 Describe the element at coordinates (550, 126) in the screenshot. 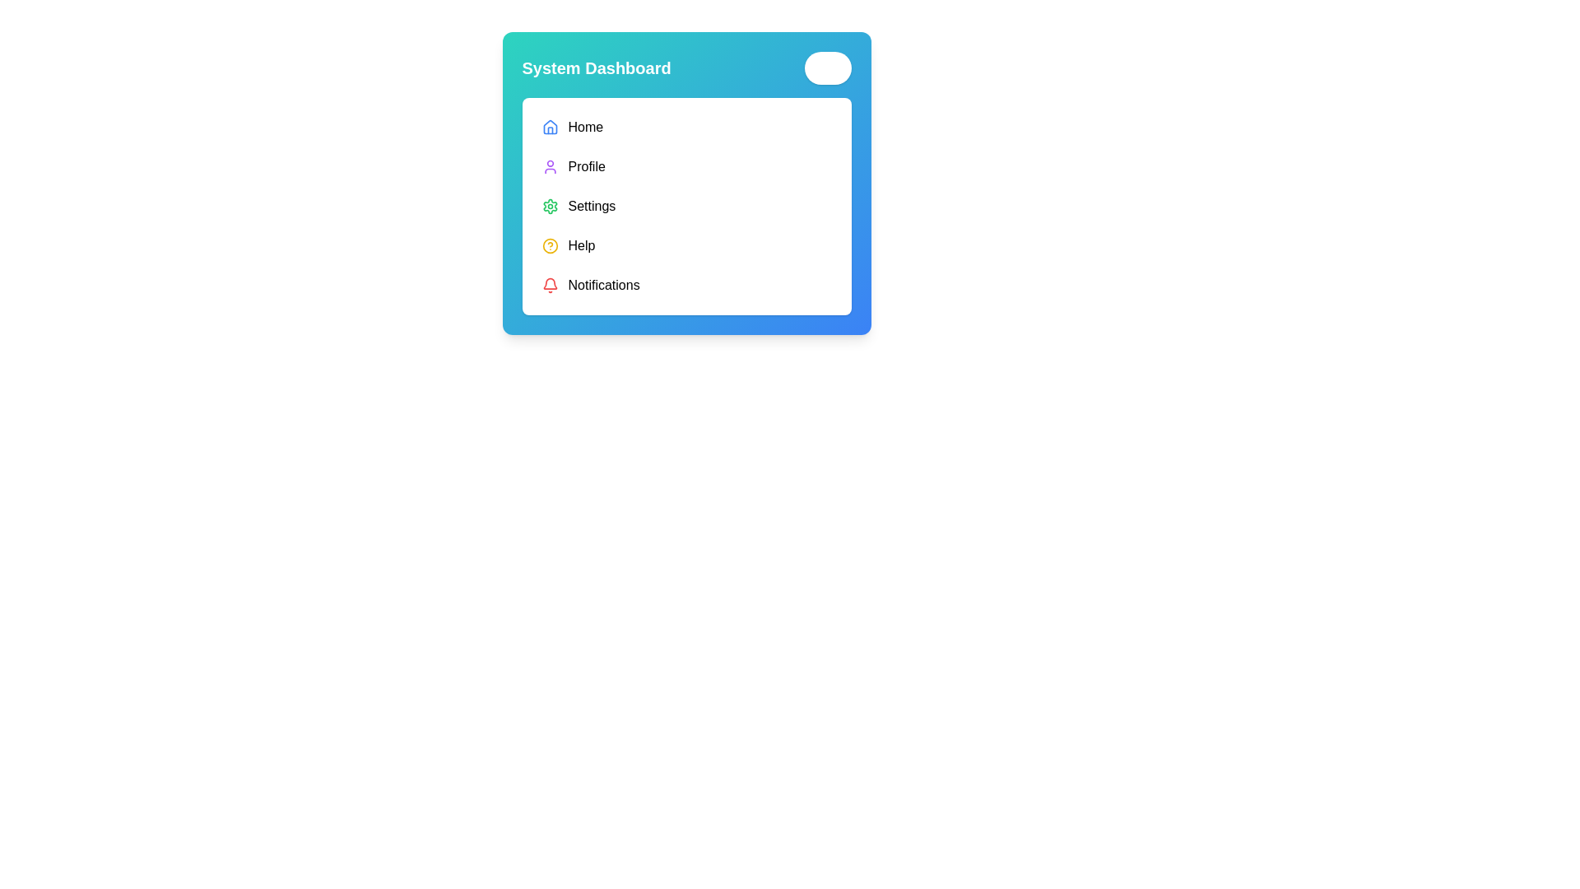

I see `the house-shaped icon component located at the top-left corner of the interface, adjacent to the 'Home' label` at that location.